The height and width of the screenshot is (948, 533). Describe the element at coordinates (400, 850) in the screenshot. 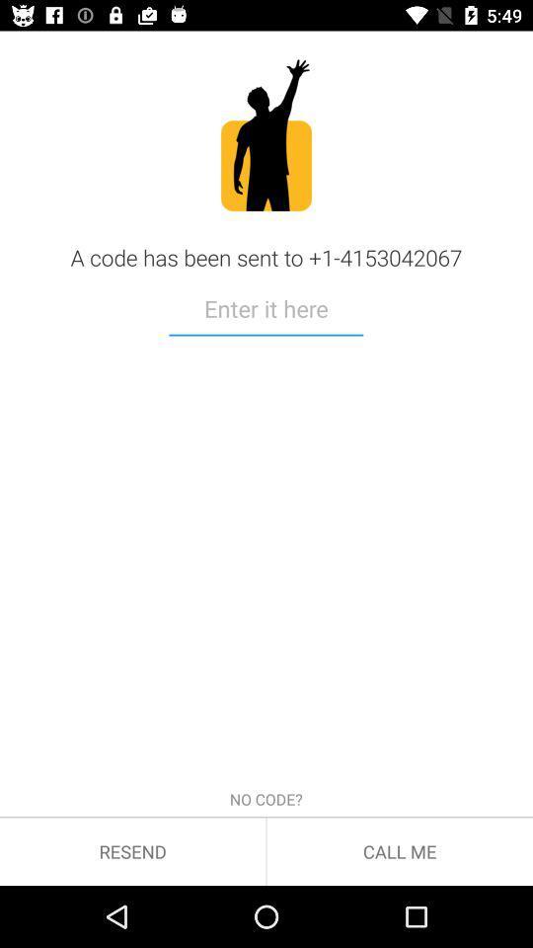

I see `the call me item` at that location.